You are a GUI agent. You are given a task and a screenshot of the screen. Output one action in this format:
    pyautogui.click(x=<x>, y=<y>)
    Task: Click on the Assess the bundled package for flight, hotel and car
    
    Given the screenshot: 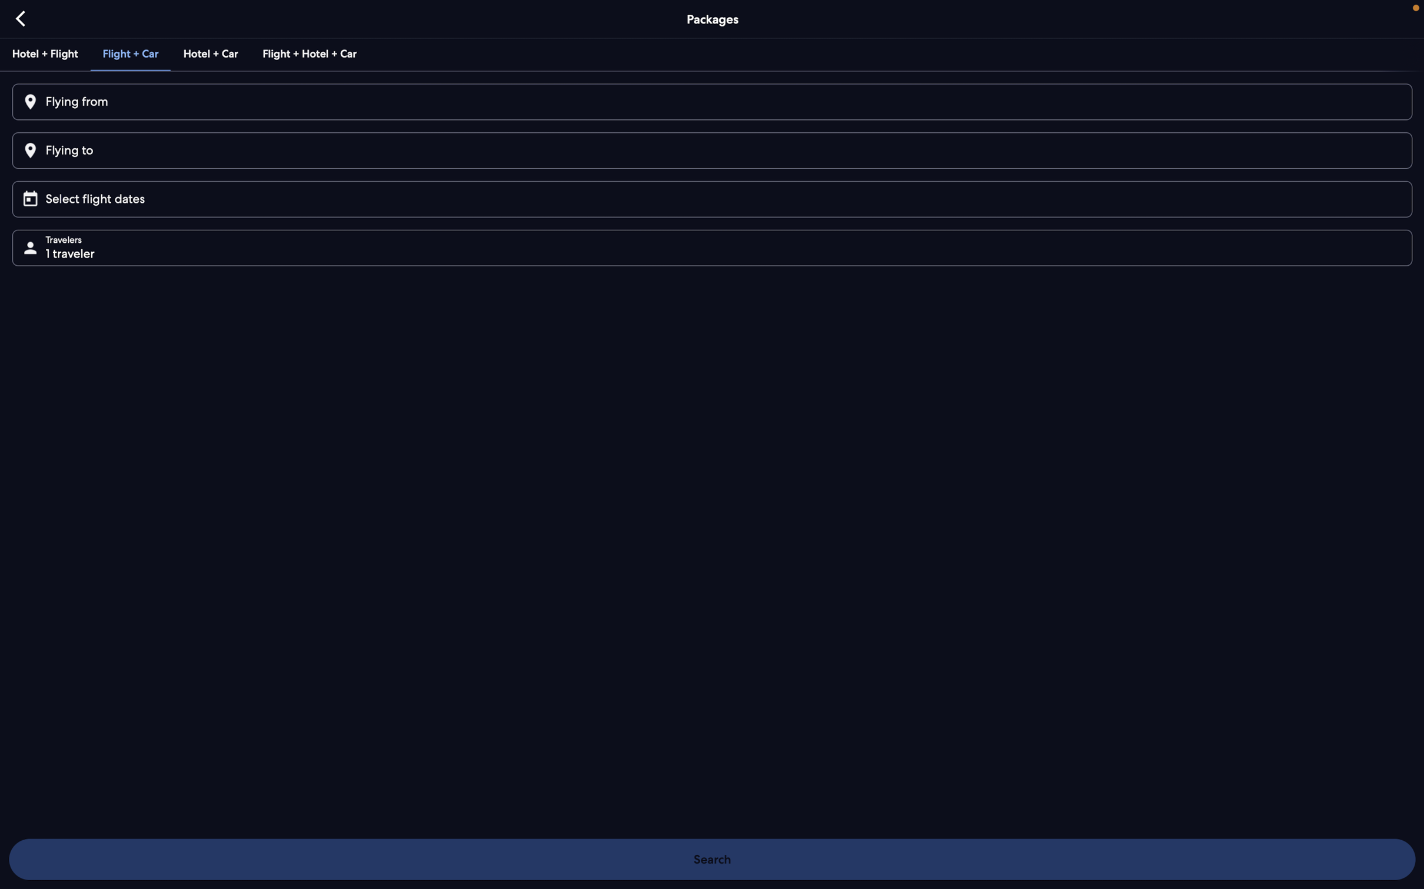 What is the action you would take?
    pyautogui.click(x=308, y=53)
    